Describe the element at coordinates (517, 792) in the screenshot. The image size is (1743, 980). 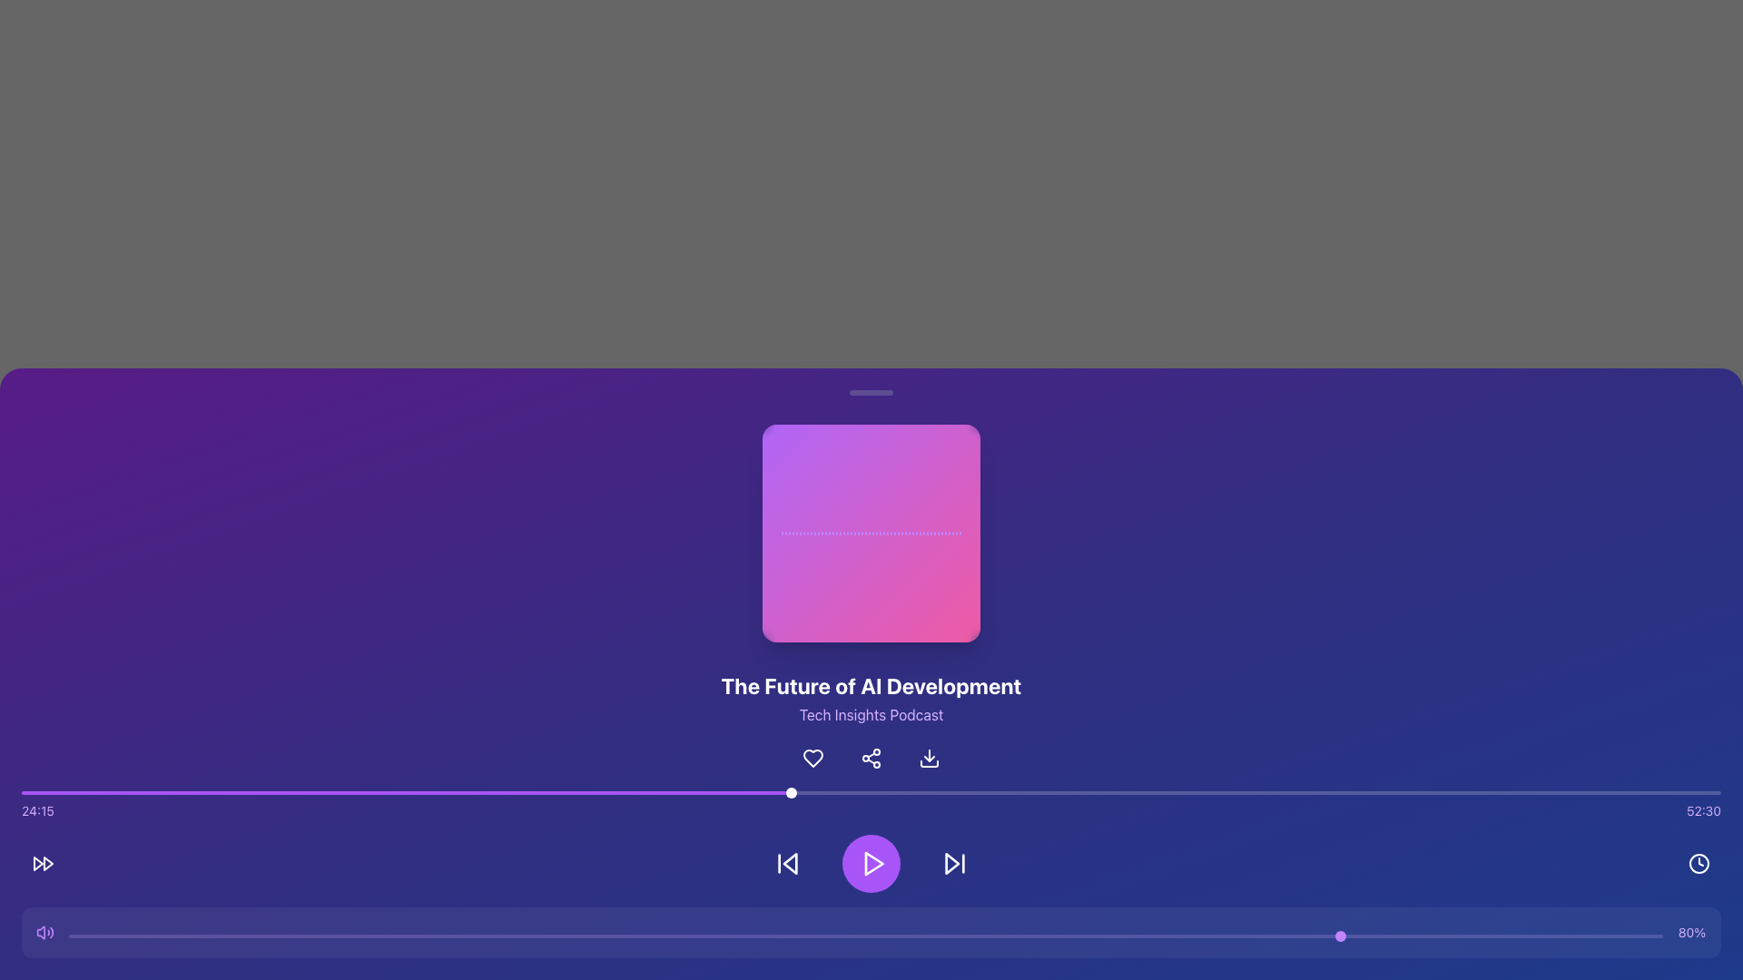
I see `progress` at that location.